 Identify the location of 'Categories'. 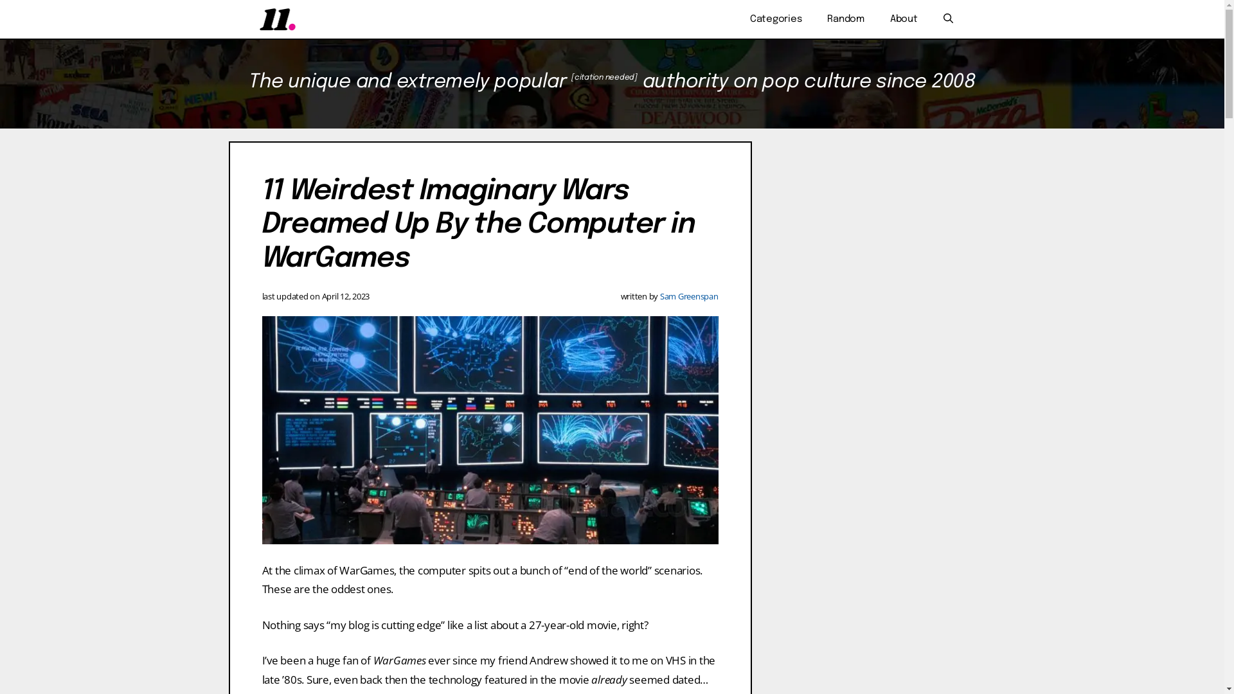
(775, 19).